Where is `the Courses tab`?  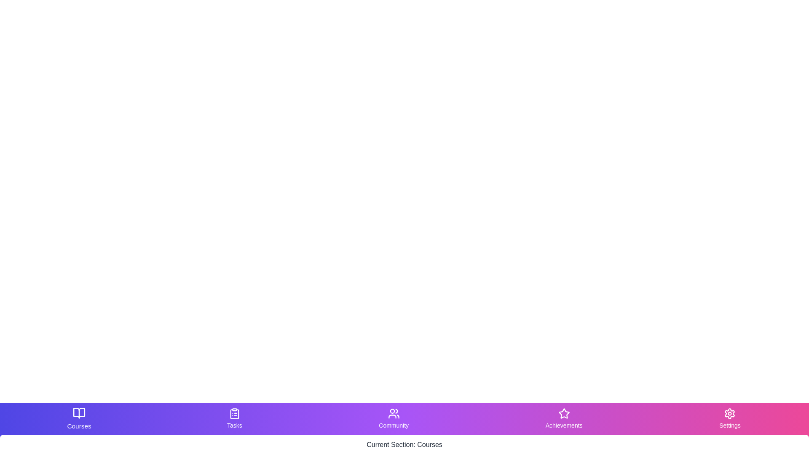
the Courses tab is located at coordinates (79, 419).